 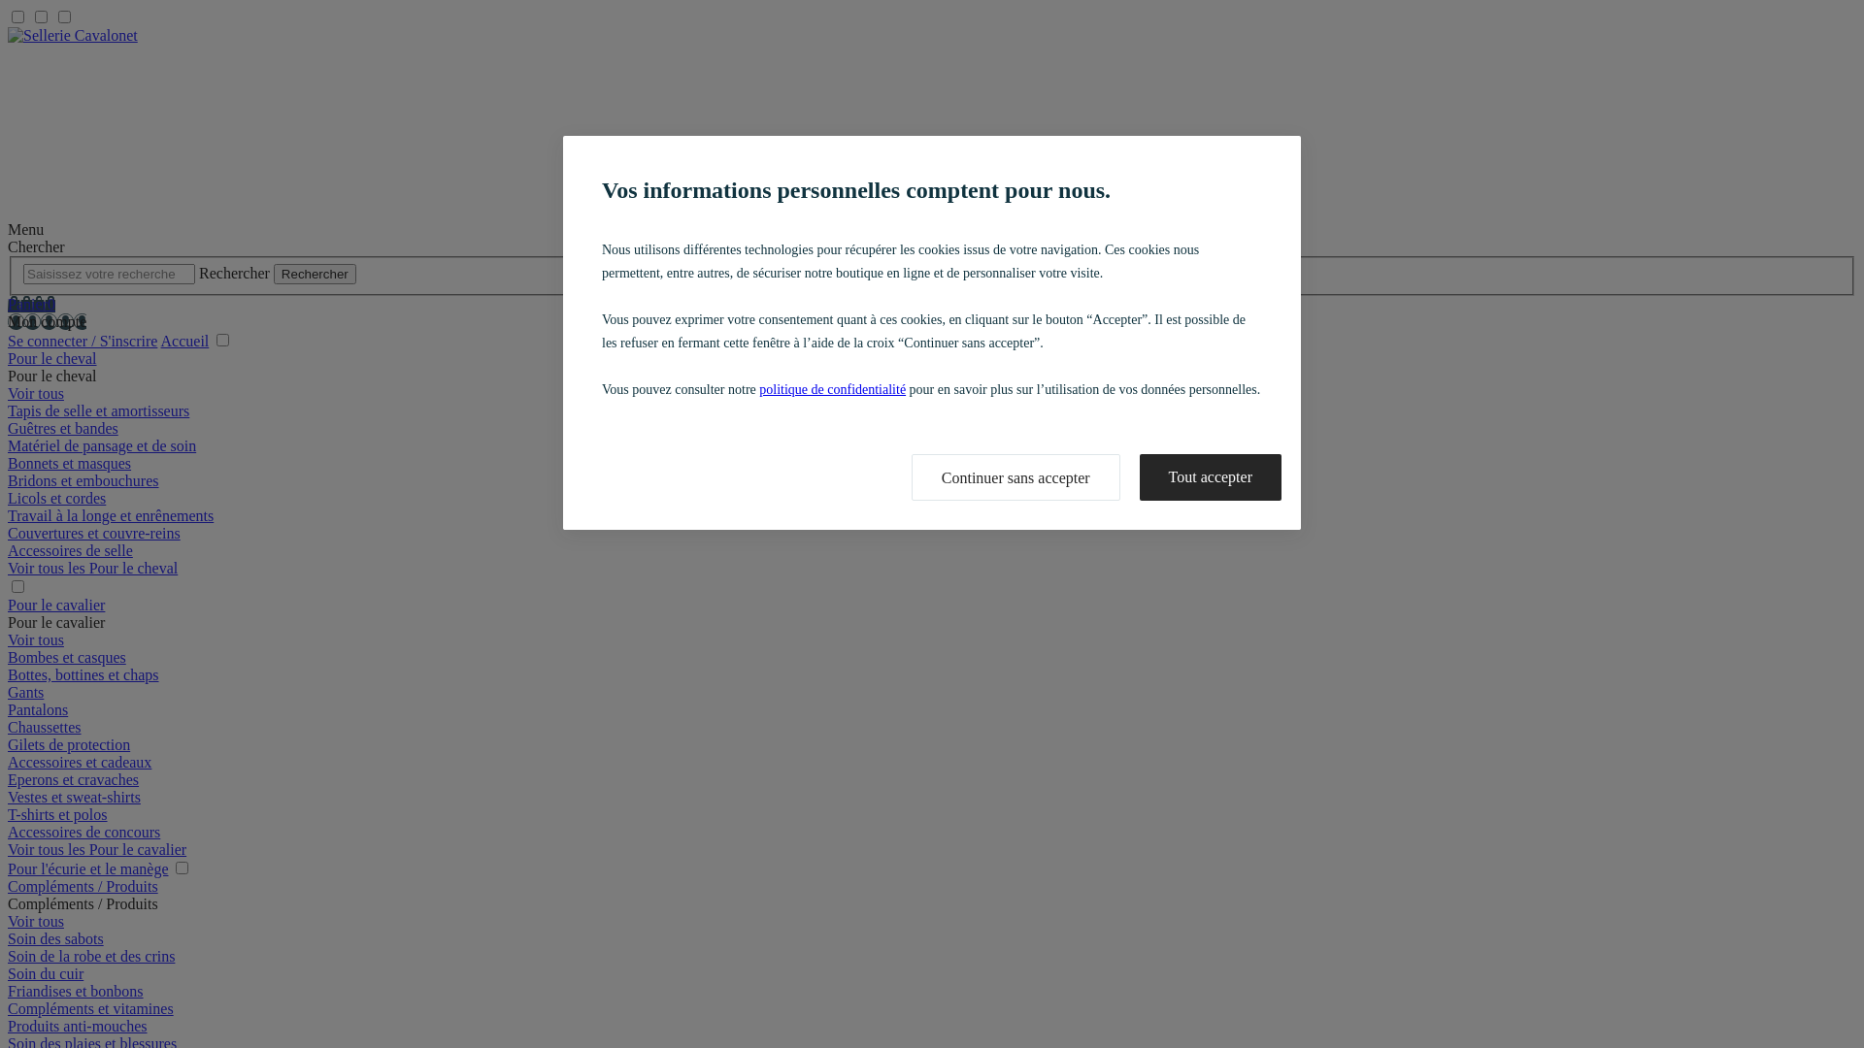 I want to click on 'Pantalons', so click(x=37, y=709).